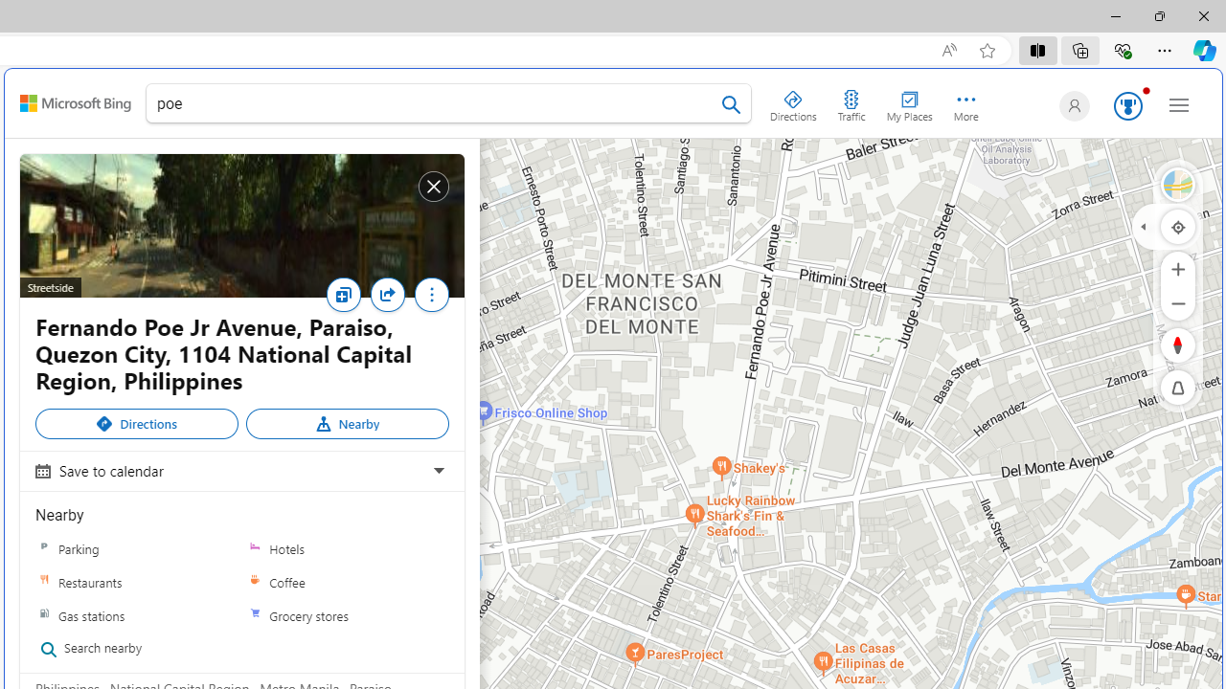 The width and height of the screenshot is (1226, 689). What do you see at coordinates (1178, 104) in the screenshot?
I see `'Settings and quick links'` at bounding box center [1178, 104].